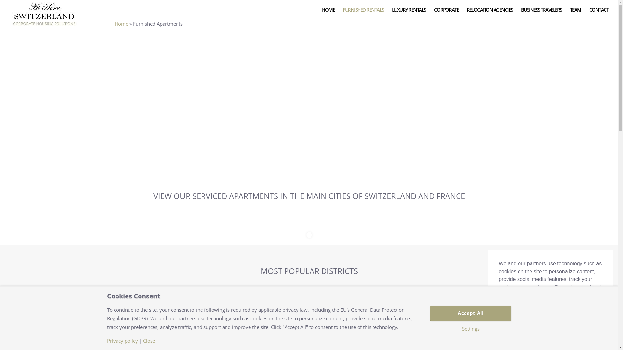 Image resolution: width=623 pixels, height=350 pixels. I want to click on 'Home', so click(121, 23).